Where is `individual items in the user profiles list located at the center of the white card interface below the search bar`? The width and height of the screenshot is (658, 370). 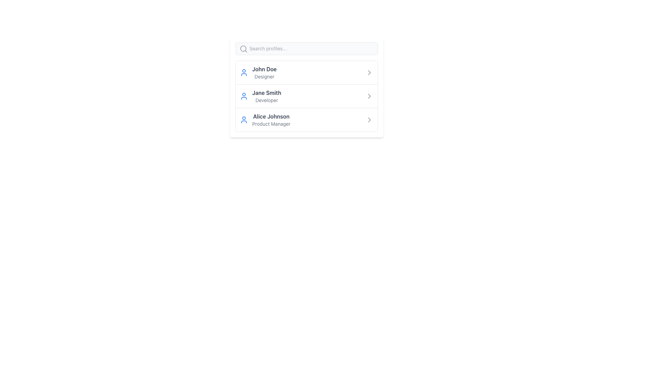 individual items in the user profiles list located at the center of the white card interface below the search bar is located at coordinates (306, 96).